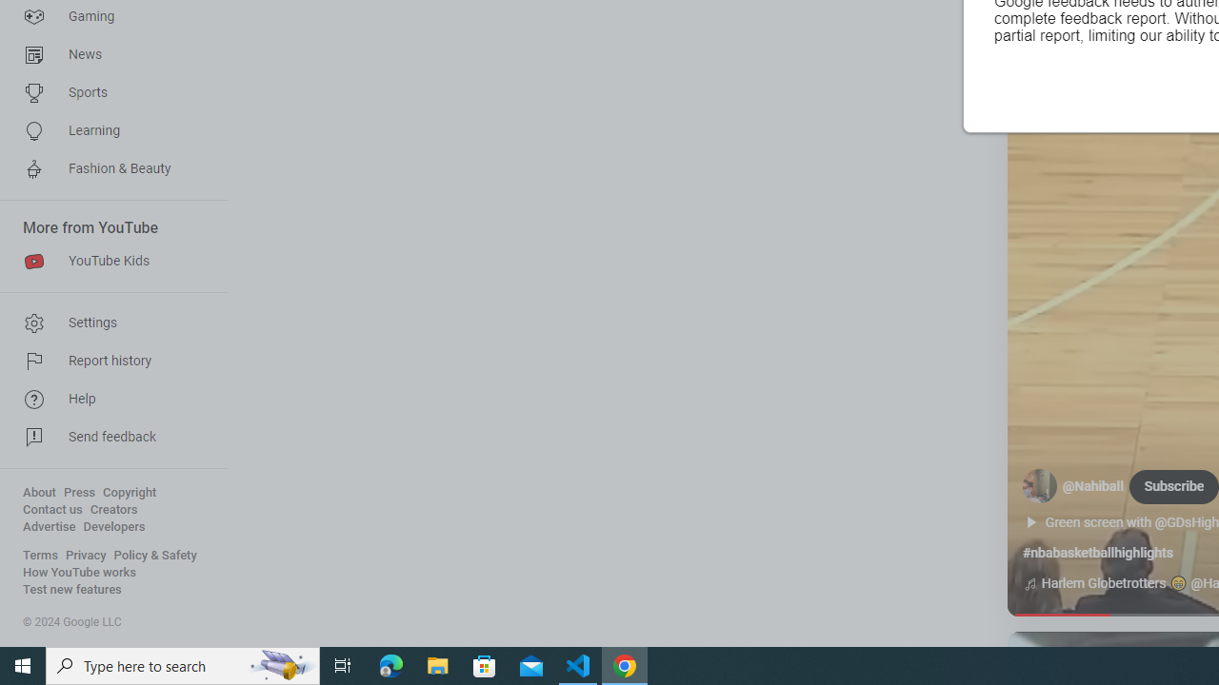  I want to click on 'Test new features', so click(72, 589).